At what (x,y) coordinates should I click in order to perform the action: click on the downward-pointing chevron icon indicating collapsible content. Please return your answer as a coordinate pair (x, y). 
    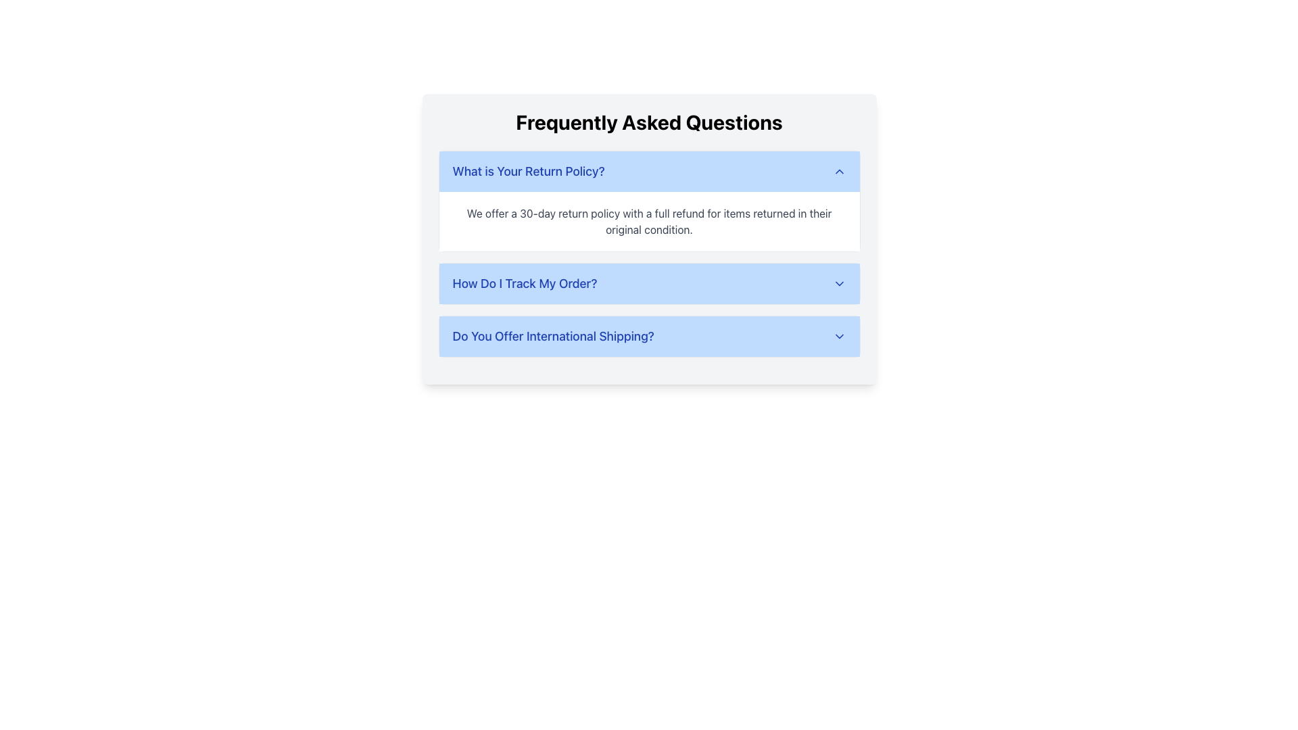
    Looking at the image, I should click on (838, 283).